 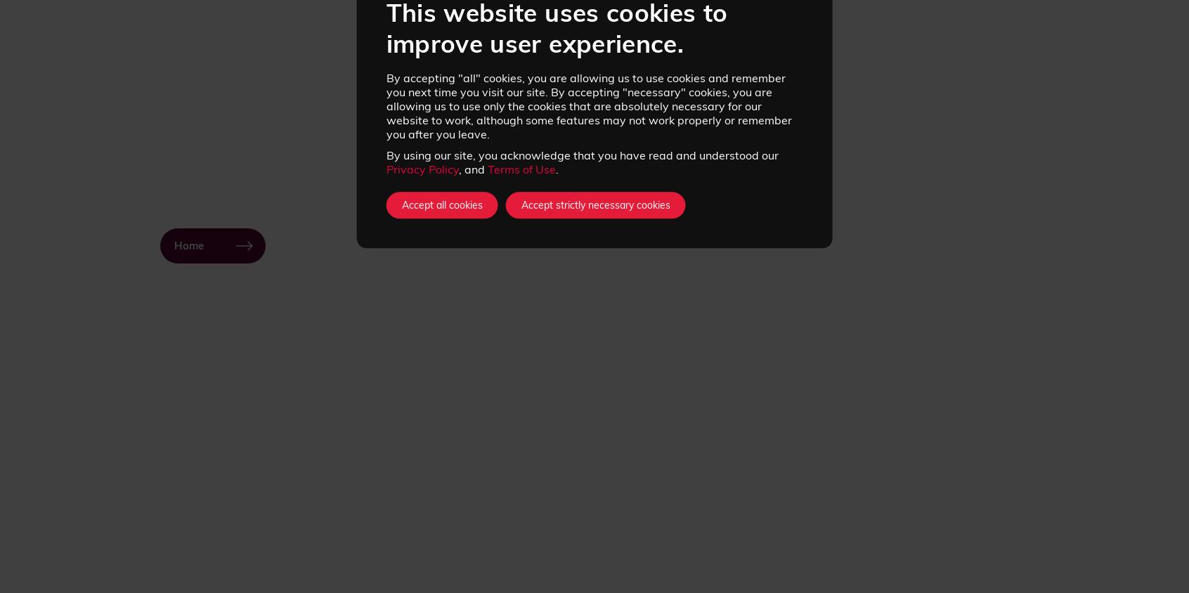 What do you see at coordinates (189, 246) in the screenshot?
I see `'Home'` at bounding box center [189, 246].